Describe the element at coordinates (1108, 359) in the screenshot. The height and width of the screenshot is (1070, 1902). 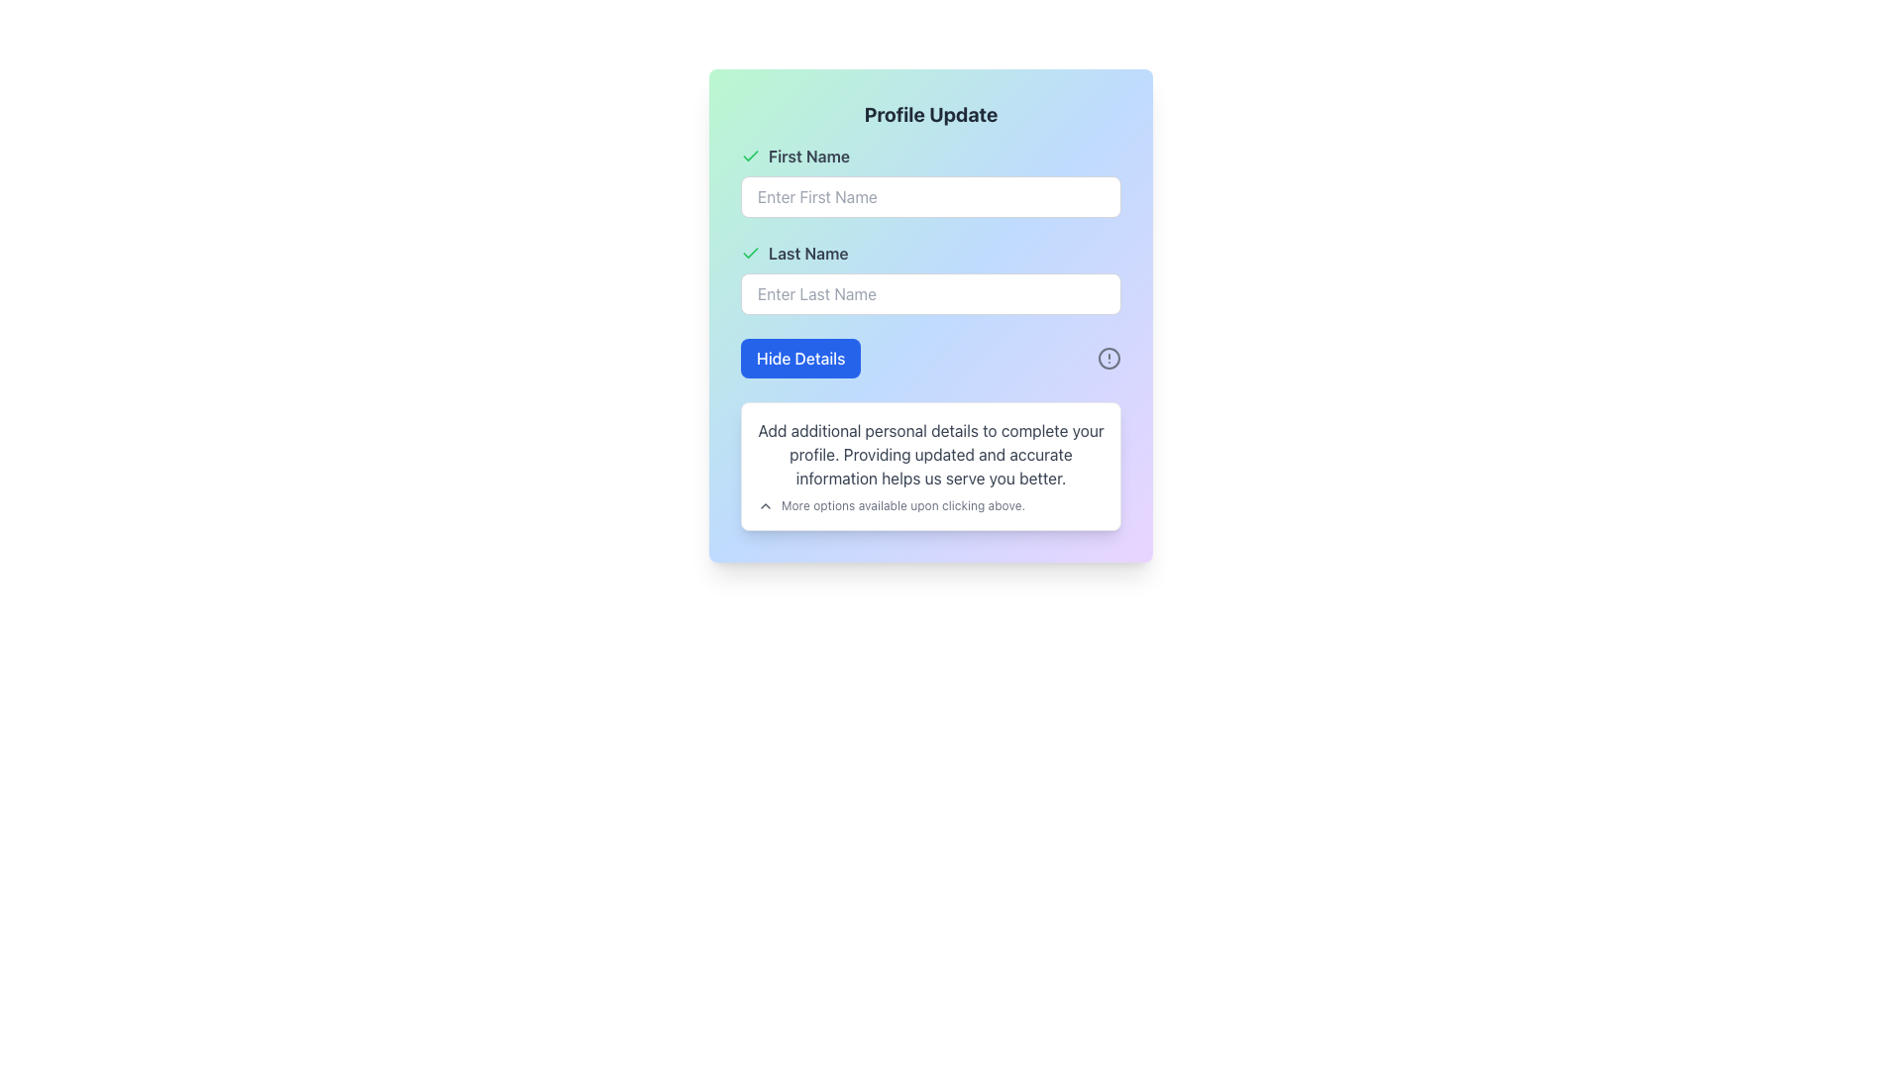
I see `the Icon component located near the 'Hide Details' button, which serves as a visual indicator` at that location.